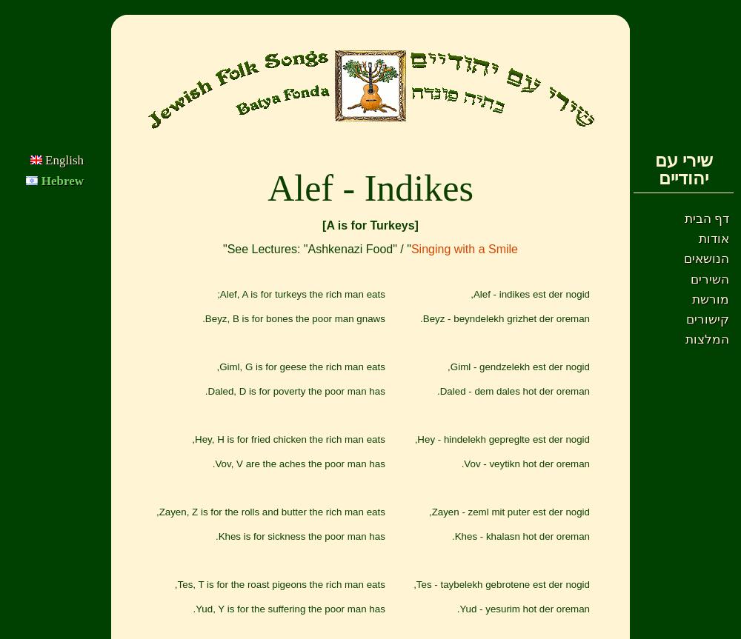 The width and height of the screenshot is (741, 639). What do you see at coordinates (502, 583) in the screenshot?
I see `'Tes - taybelekh gebrotene est der nogid,'` at bounding box center [502, 583].